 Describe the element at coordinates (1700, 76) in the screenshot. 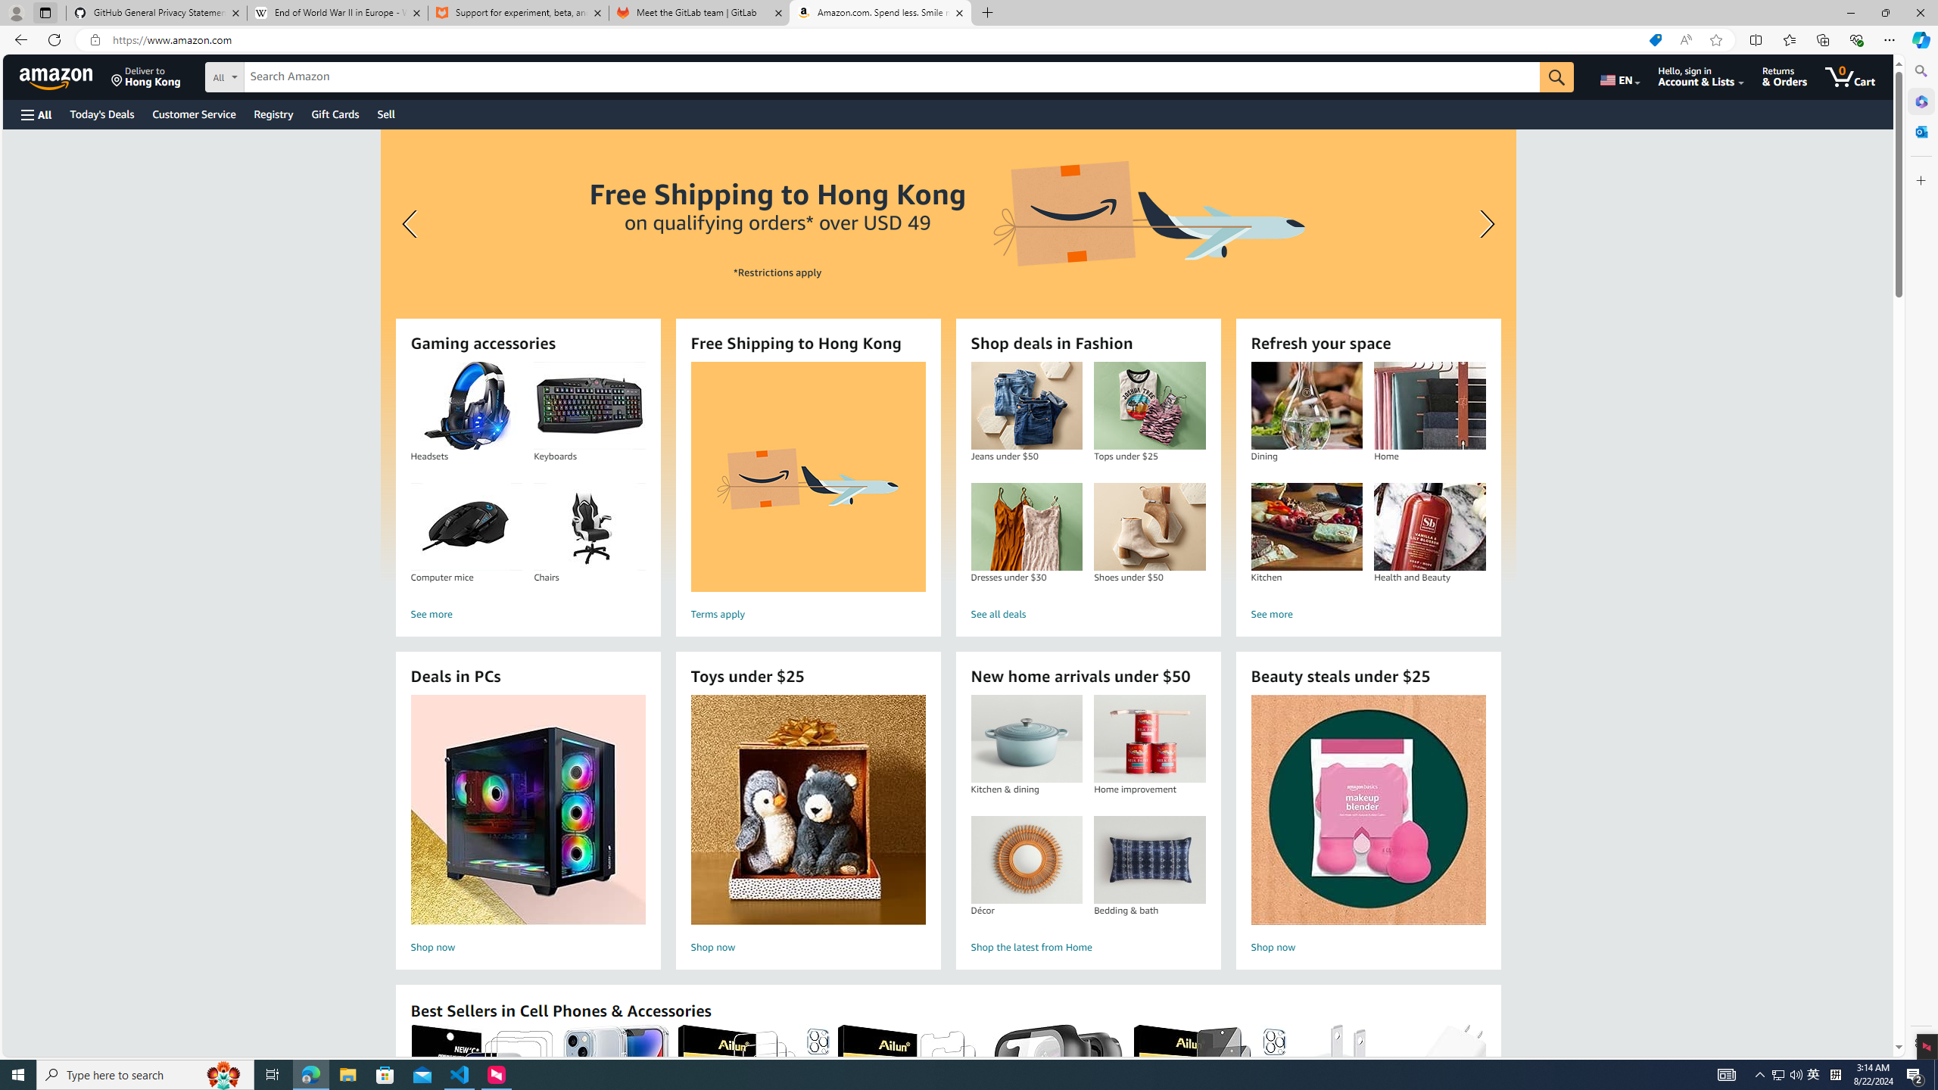

I see `'Hello, sign in Account & Lists'` at that location.